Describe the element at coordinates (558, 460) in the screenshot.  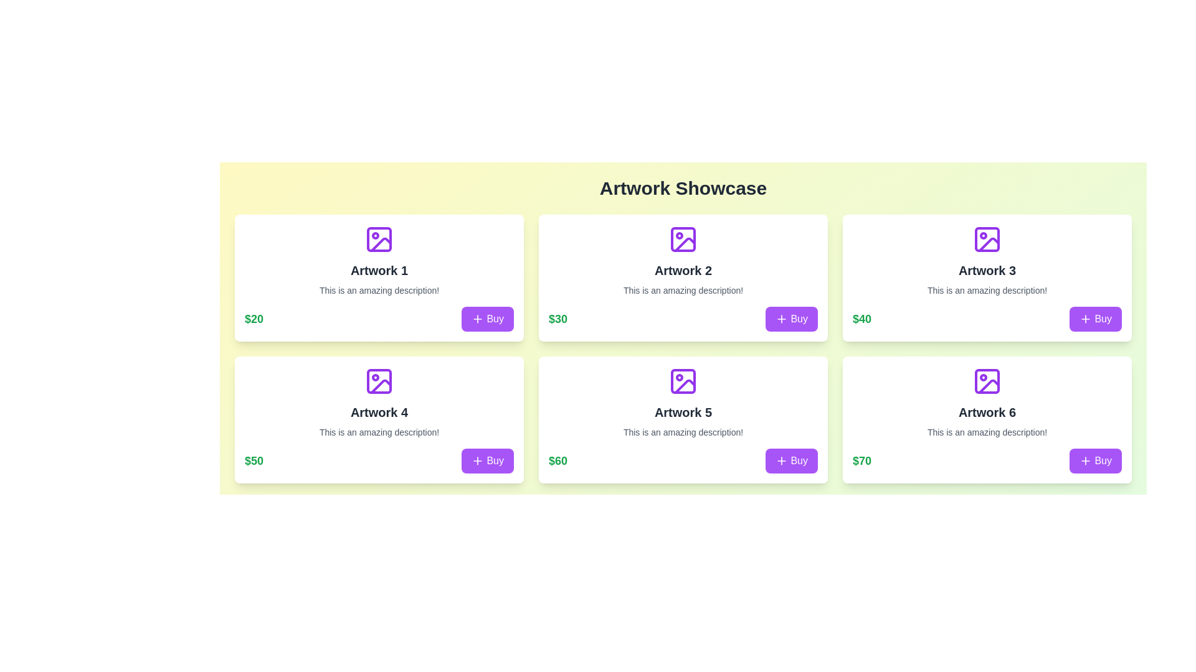
I see `the price Text Label displaying the cost of the artwork in the card for 'Artwork 5', located in the bottom-left corner adjacent to the '+ Buy' button` at that location.